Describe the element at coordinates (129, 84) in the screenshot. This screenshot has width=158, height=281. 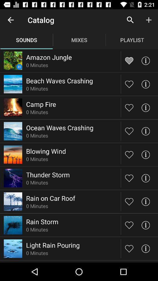
I see `like` at that location.